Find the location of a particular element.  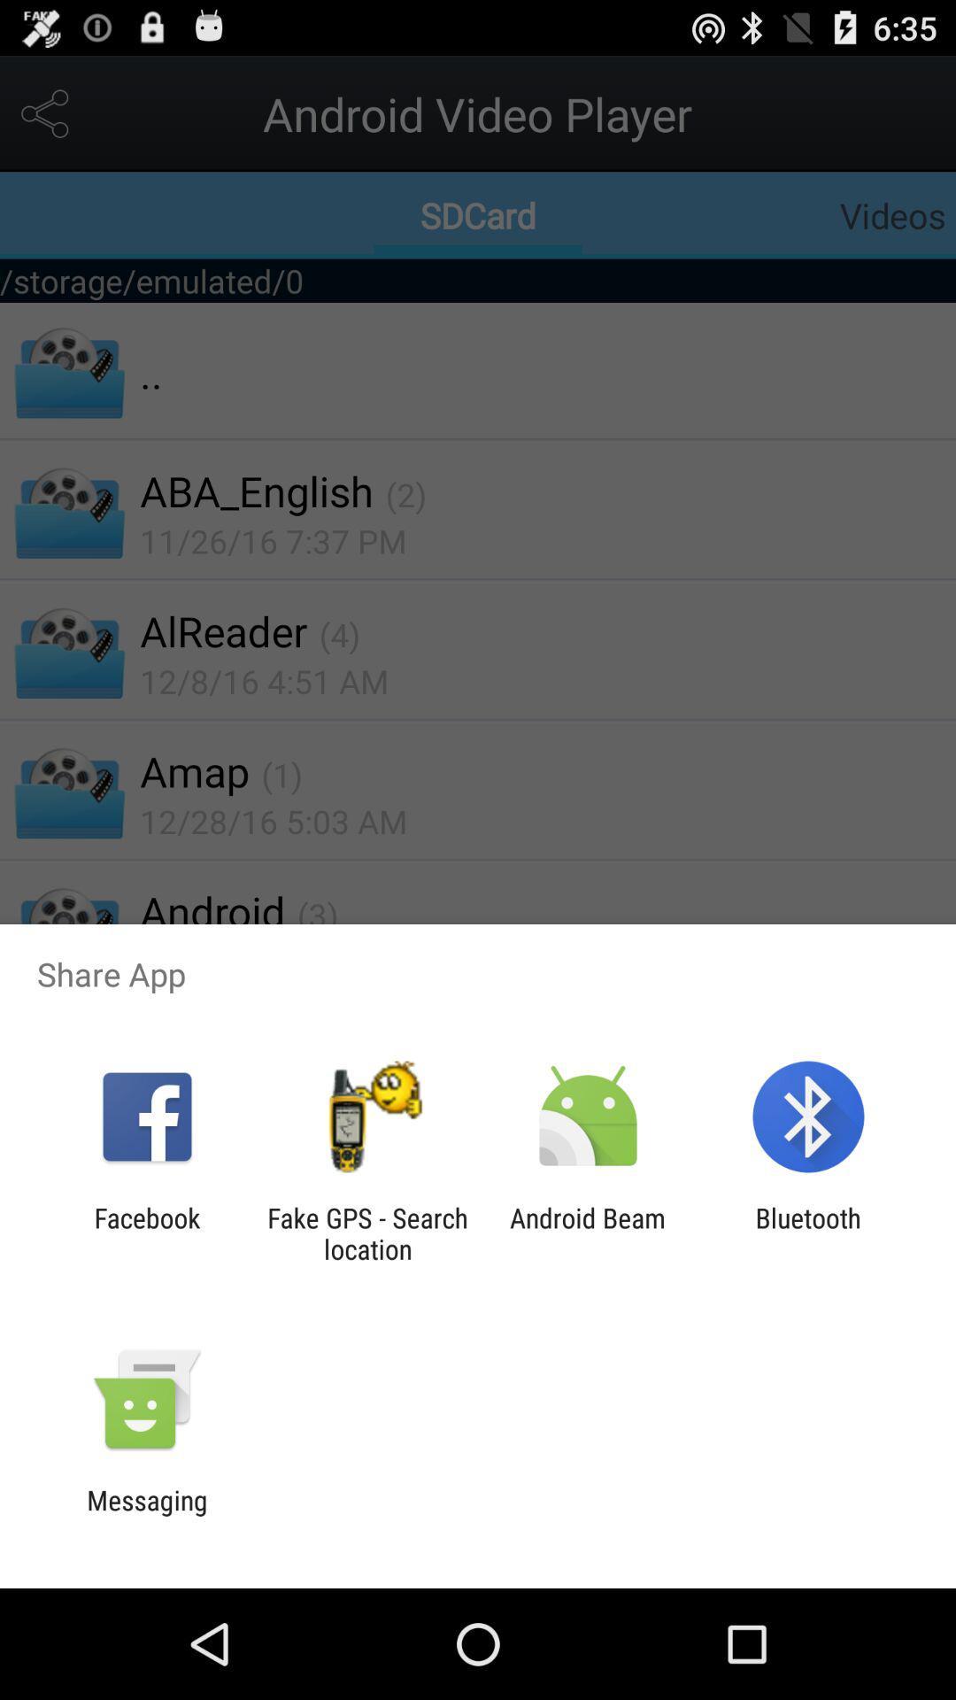

the bluetooth icon is located at coordinates (808, 1232).